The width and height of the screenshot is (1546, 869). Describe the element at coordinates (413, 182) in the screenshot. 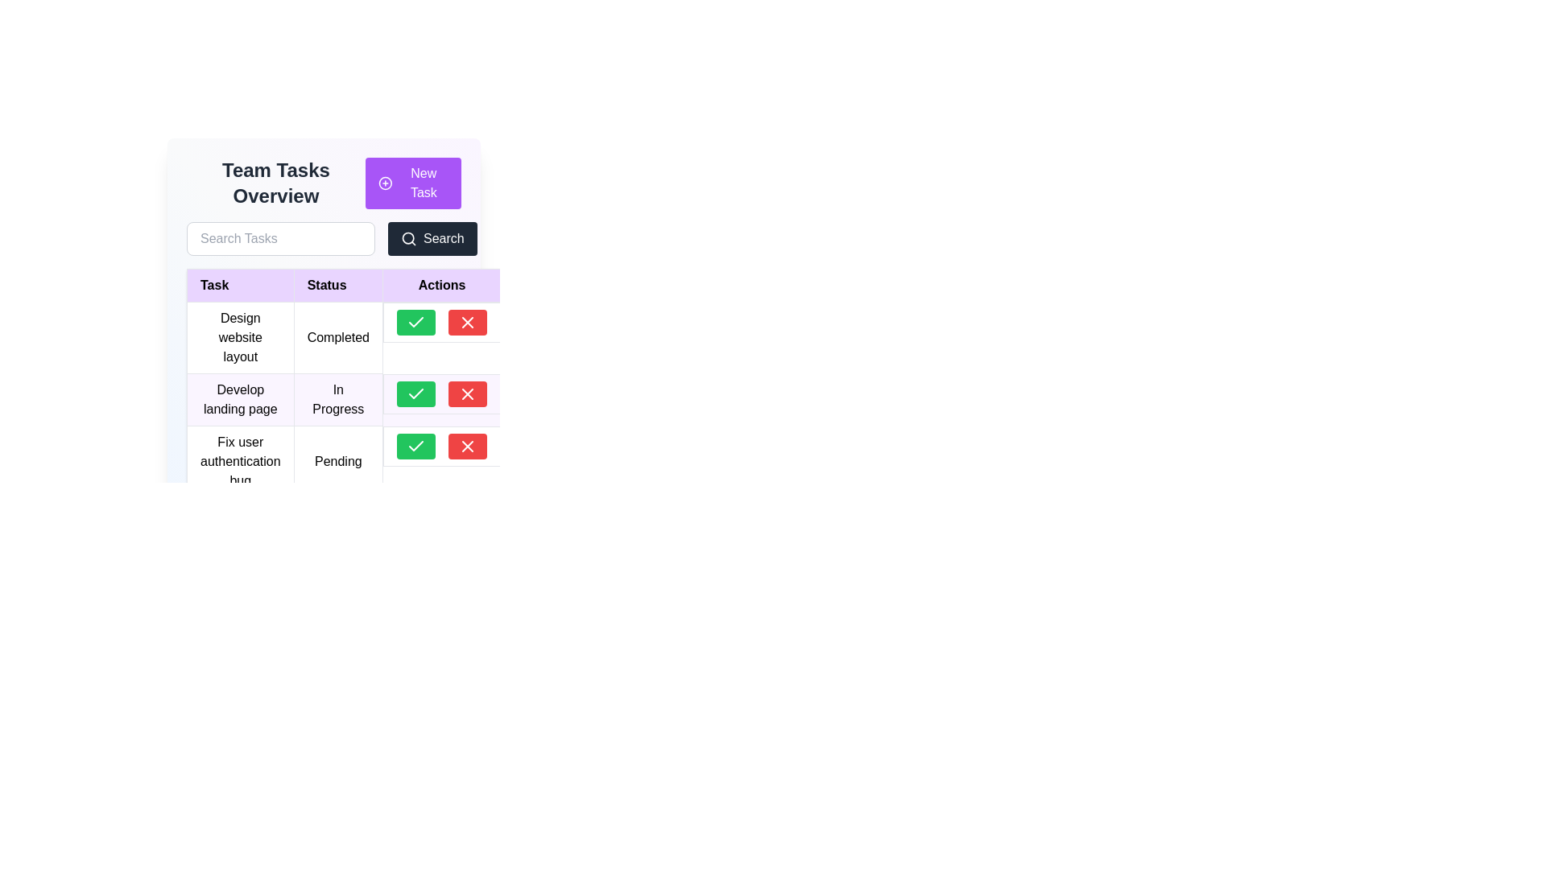

I see `the purple button labeled 'New Task' to visualize the hover effect` at that location.